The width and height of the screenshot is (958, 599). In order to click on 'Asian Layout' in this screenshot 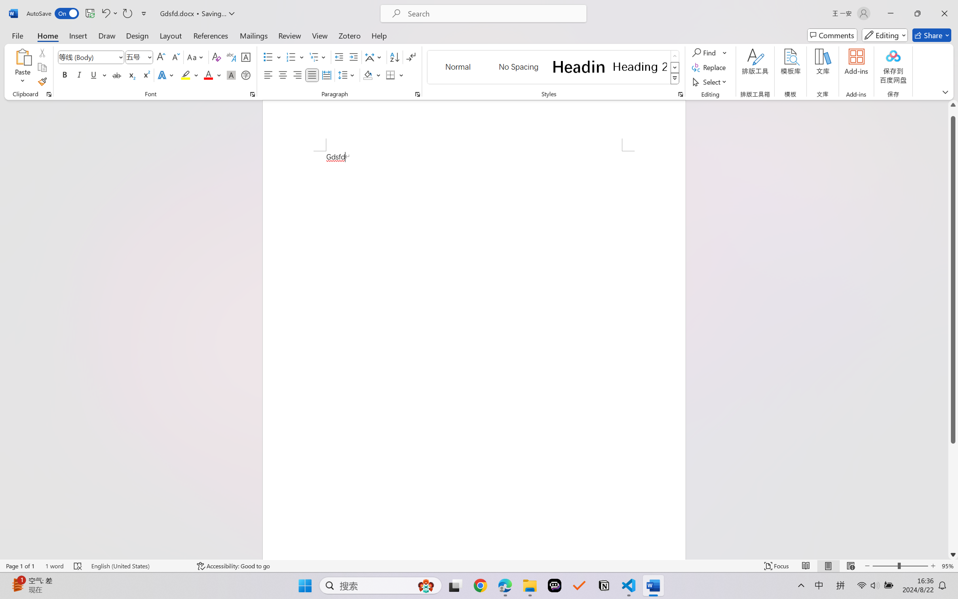, I will do `click(374, 57)`.